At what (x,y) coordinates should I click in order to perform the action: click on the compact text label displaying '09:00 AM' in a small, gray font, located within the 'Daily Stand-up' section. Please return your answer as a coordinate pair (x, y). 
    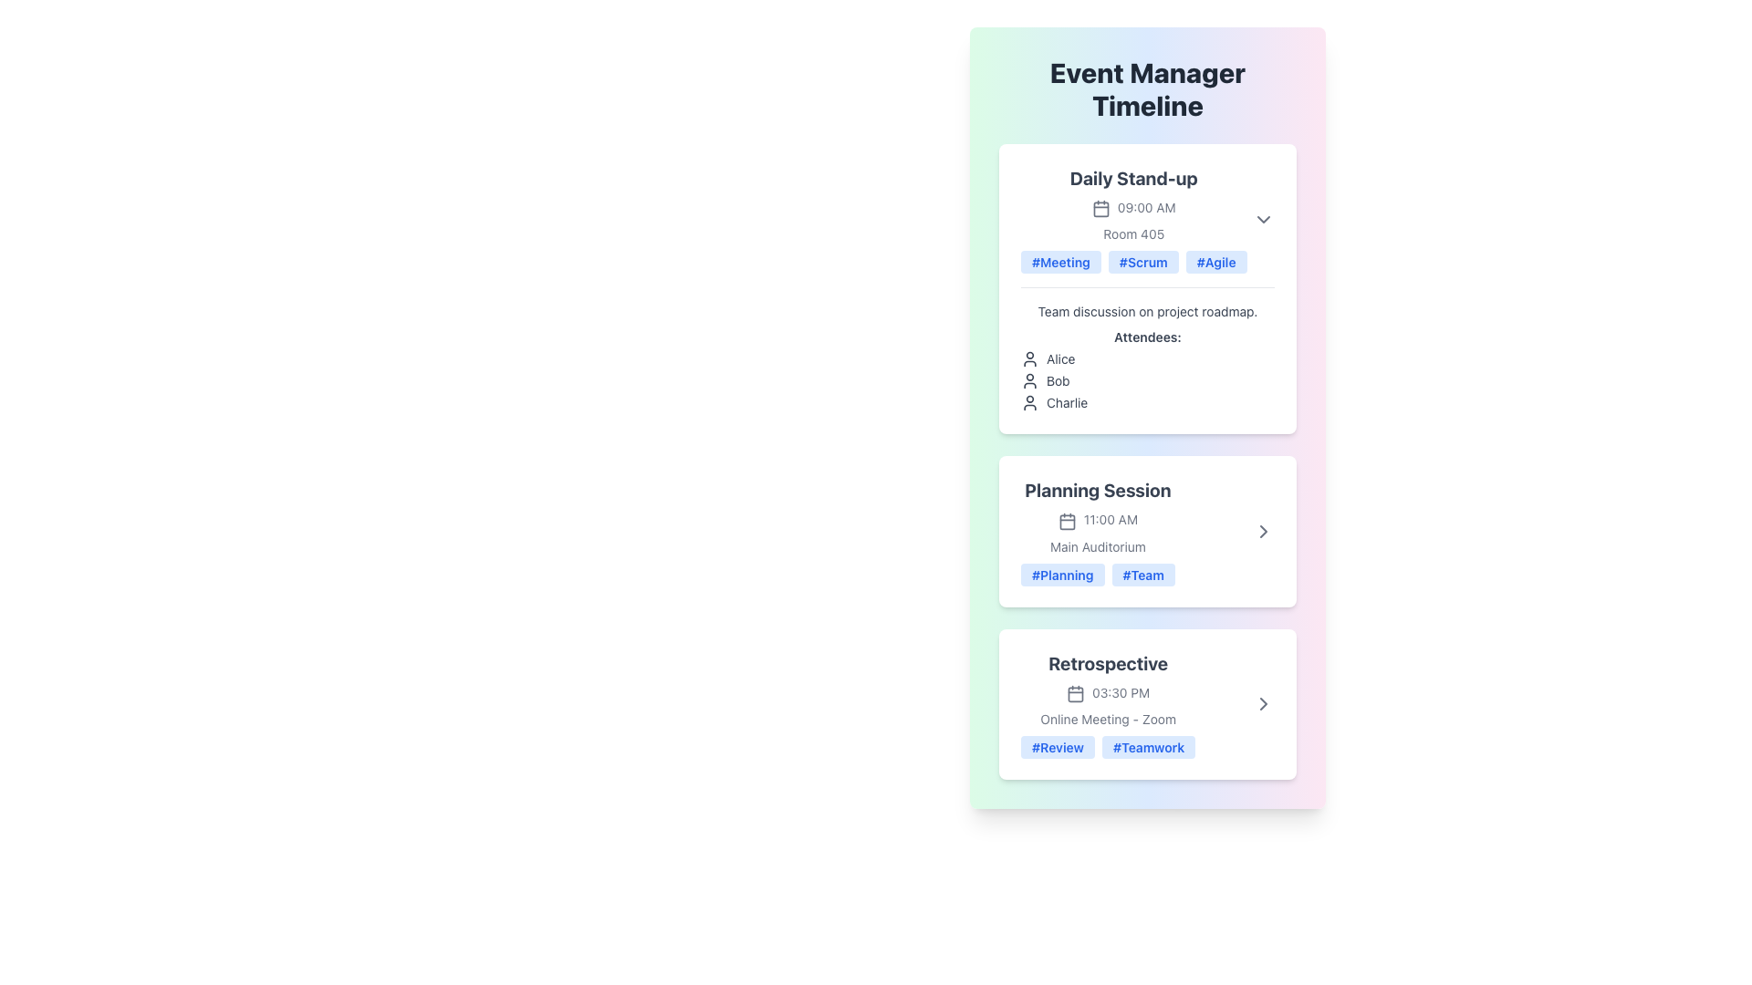
    Looking at the image, I should click on (1132, 207).